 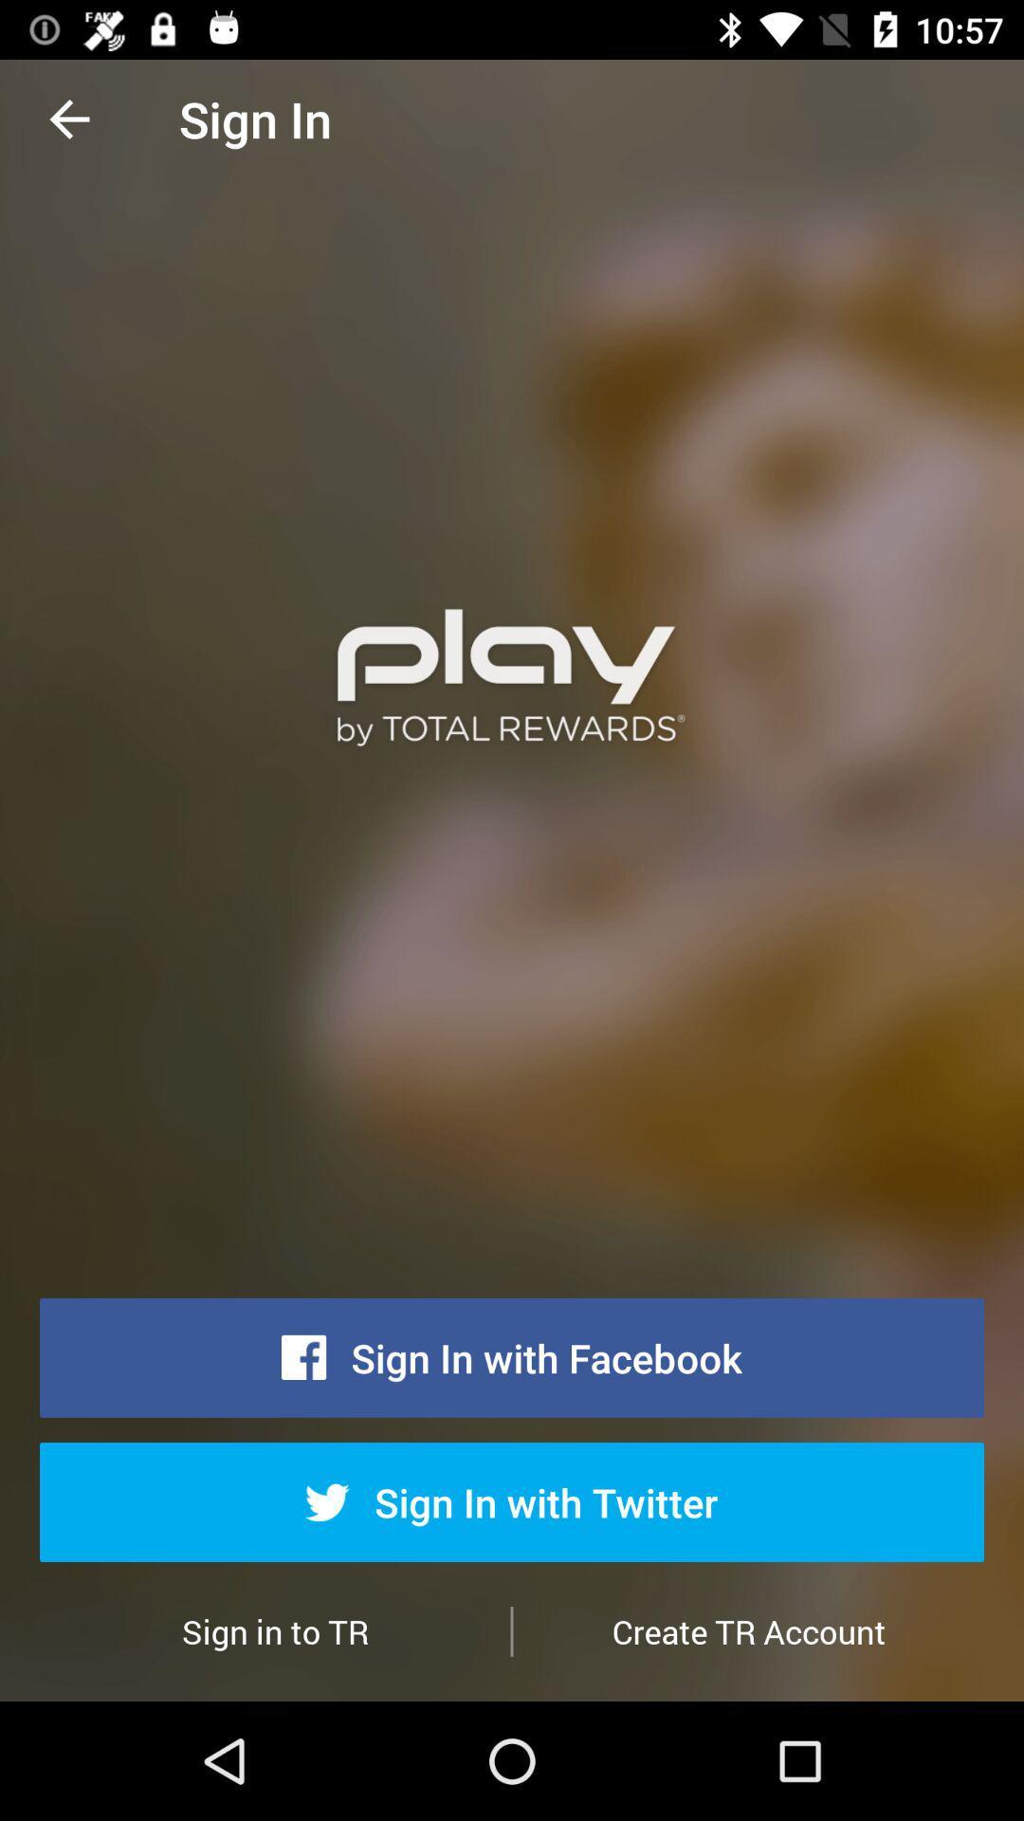 What do you see at coordinates (68, 118) in the screenshot?
I see `the item to the left of the sign in icon` at bounding box center [68, 118].